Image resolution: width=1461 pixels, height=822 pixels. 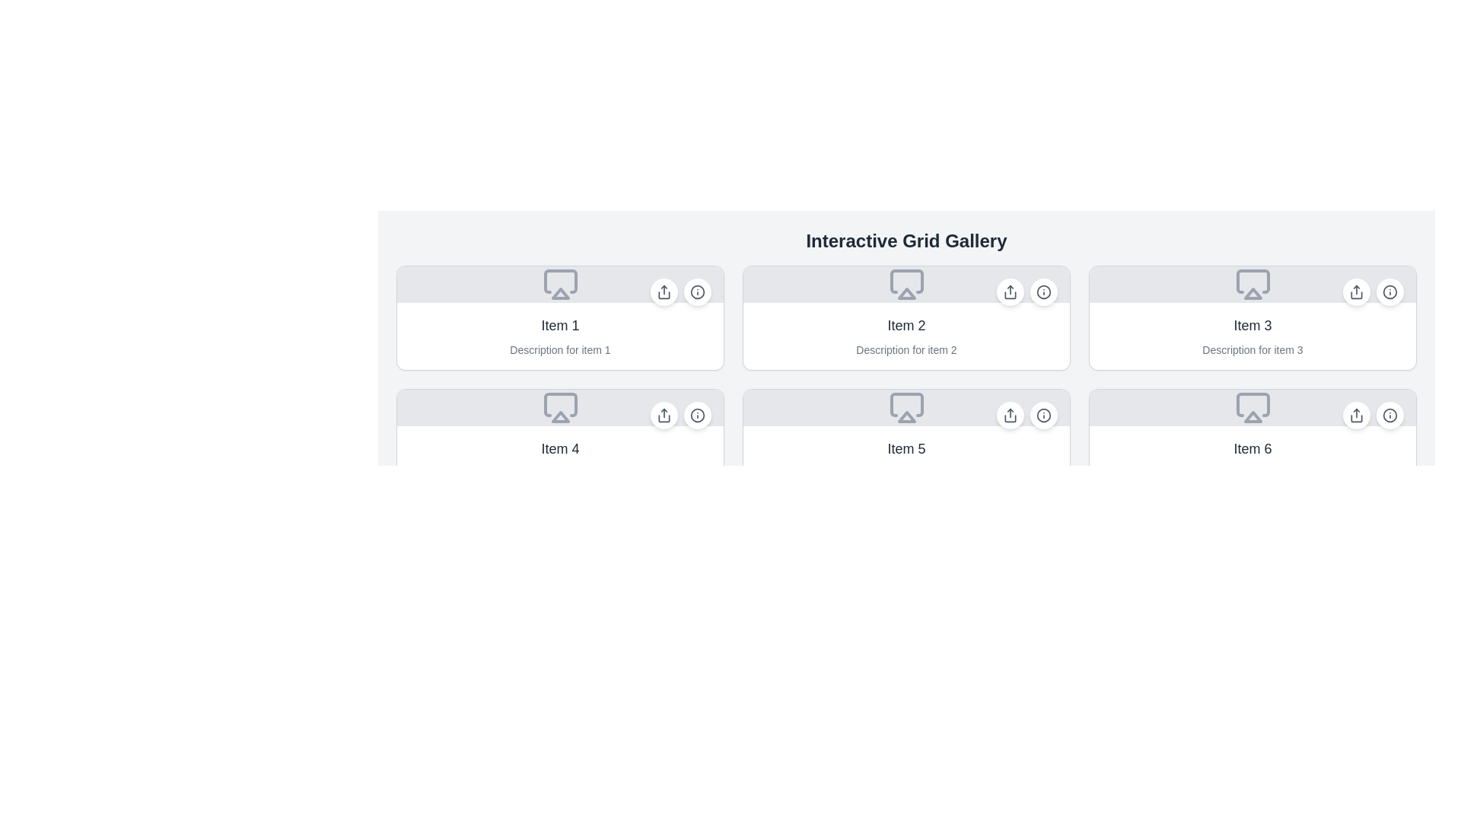 What do you see at coordinates (1253, 285) in the screenshot?
I see `the SVG icon representing electronic or media playback equipment located in the third cell of a 2x3 grid layout, which corresponds to 'Item 3'` at bounding box center [1253, 285].